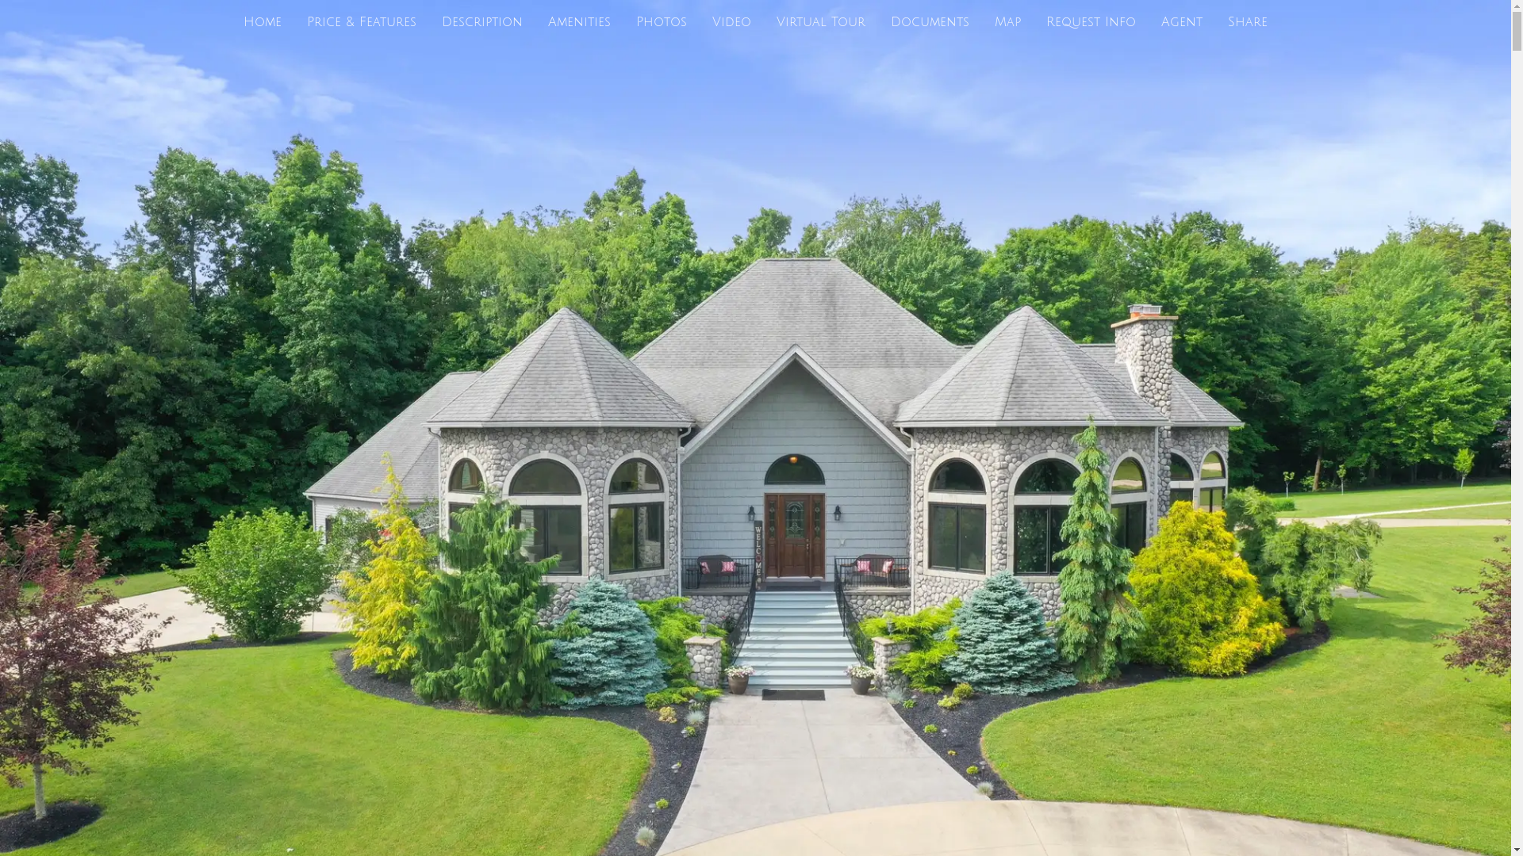  What do you see at coordinates (293, 21) in the screenshot?
I see `'Price & Features'` at bounding box center [293, 21].